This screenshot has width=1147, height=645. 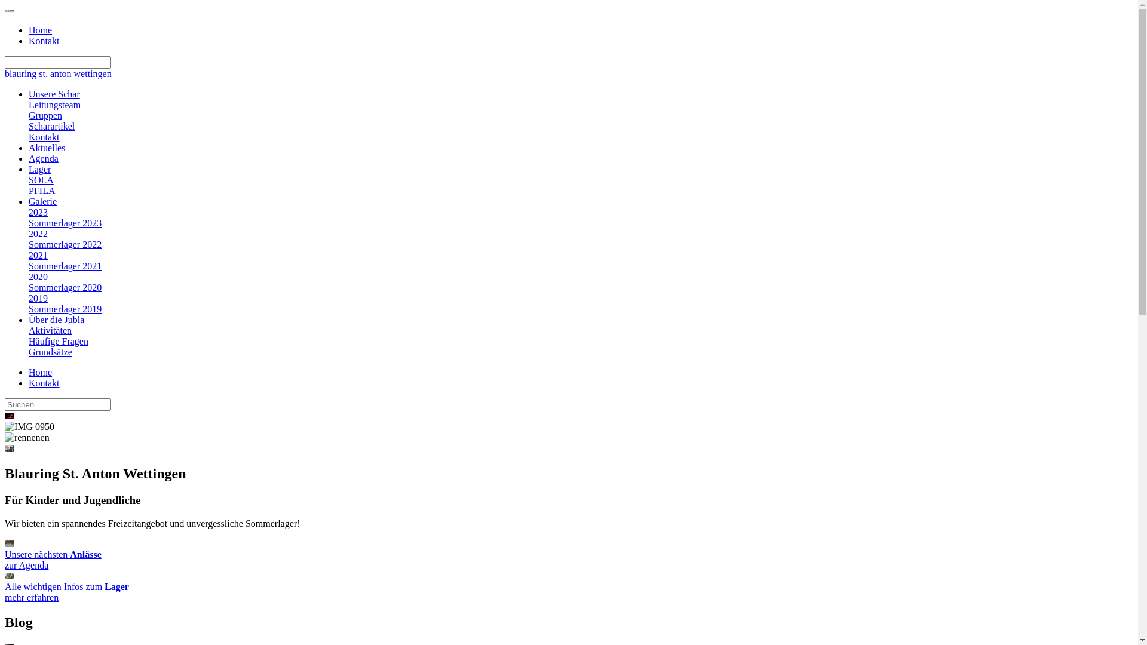 What do you see at coordinates (38, 211) in the screenshot?
I see `'2023'` at bounding box center [38, 211].